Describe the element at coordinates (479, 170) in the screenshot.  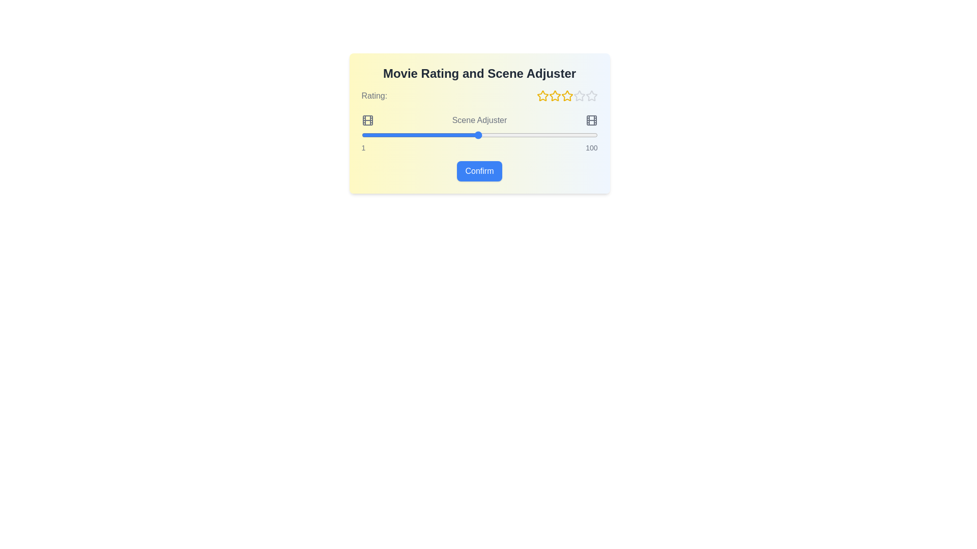
I see `'Confirm' button to submit the rating and scene` at that location.